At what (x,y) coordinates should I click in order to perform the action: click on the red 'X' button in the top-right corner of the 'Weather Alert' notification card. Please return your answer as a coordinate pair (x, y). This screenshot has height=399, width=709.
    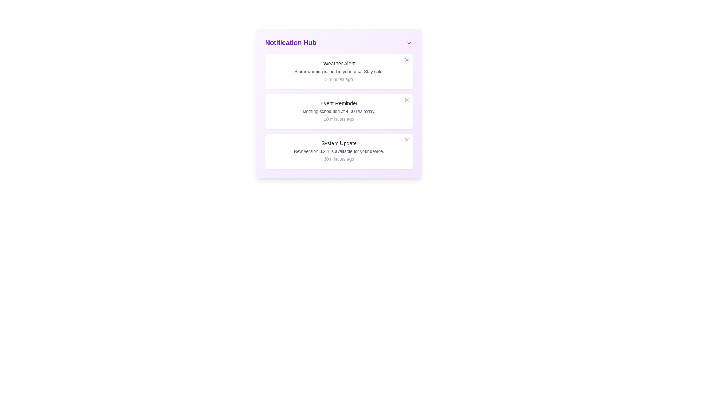
    Looking at the image, I should click on (407, 59).